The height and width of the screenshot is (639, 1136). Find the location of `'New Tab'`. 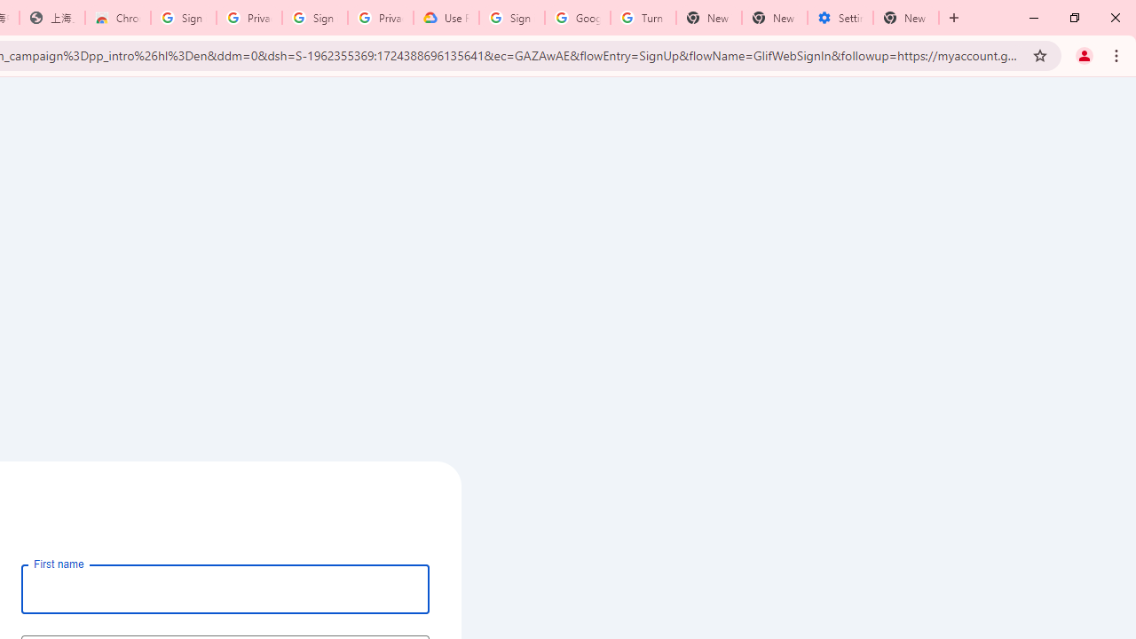

'New Tab' is located at coordinates (953, 18).